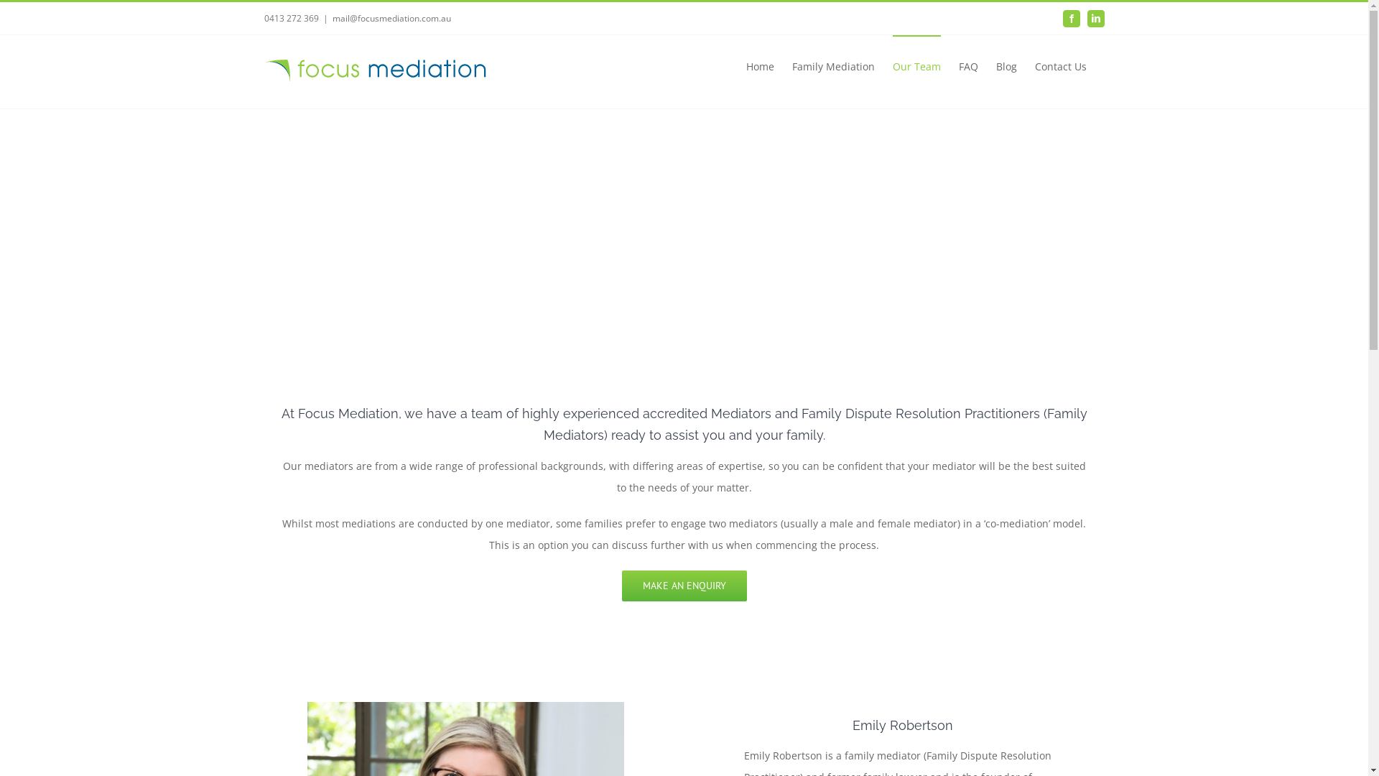 This screenshot has width=1379, height=776. I want to click on 'Contact Us', so click(1060, 65).